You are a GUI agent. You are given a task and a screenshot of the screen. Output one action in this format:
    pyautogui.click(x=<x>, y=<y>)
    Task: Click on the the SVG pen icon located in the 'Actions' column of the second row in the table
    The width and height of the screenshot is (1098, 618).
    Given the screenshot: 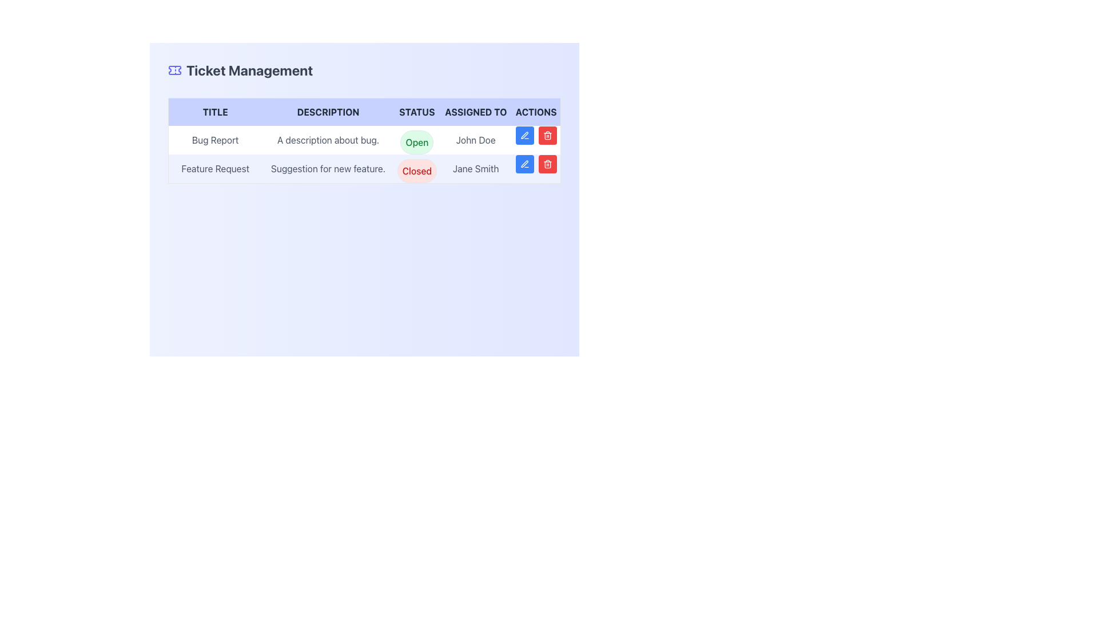 What is the action you would take?
    pyautogui.click(x=524, y=164)
    